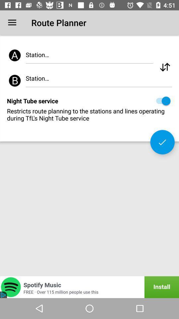  Describe the element at coordinates (162, 142) in the screenshot. I see `the icon below restricts route planning icon` at that location.